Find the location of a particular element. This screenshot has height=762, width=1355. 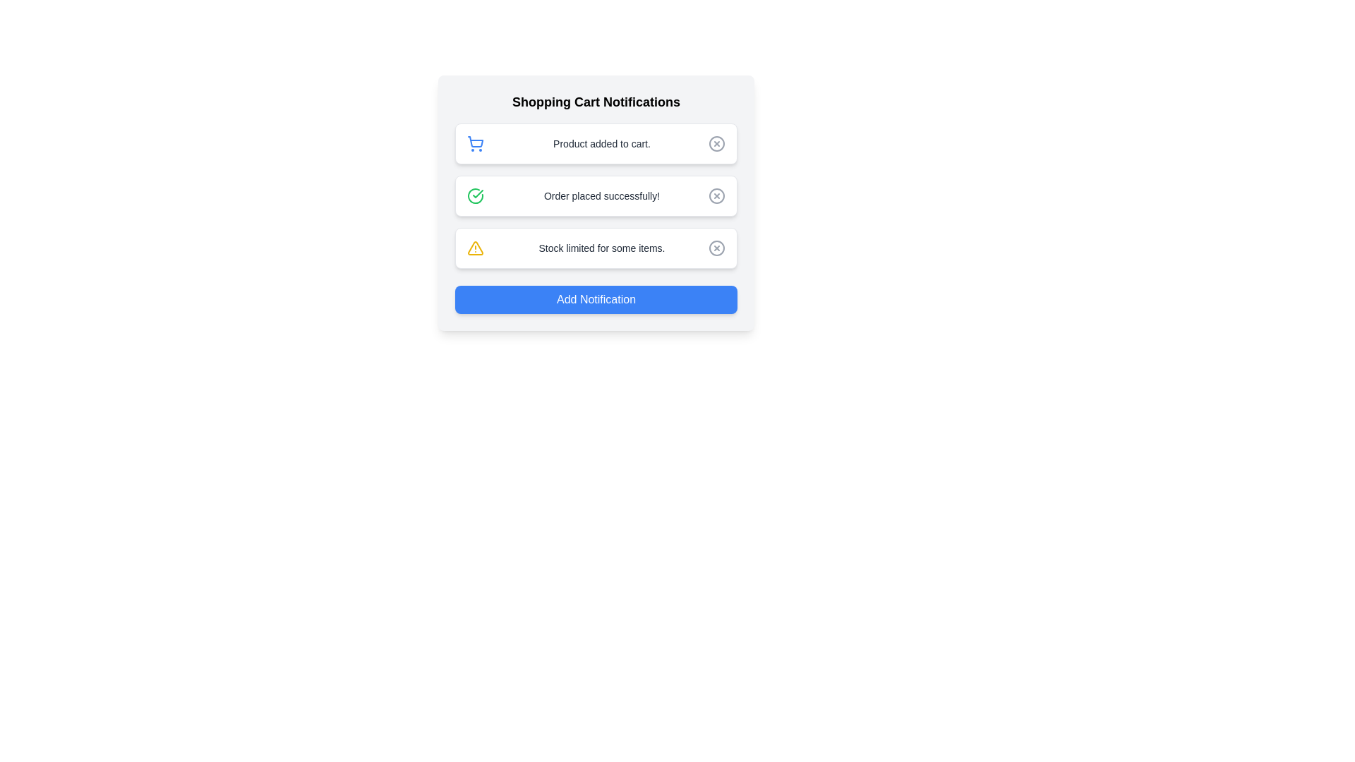

the static text label displaying 'Product added to cart.' that is located in the notification panel is located at coordinates (602, 144).